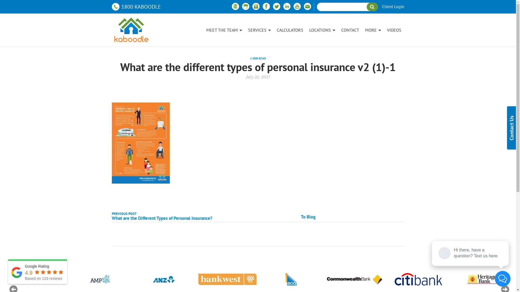 The width and height of the screenshot is (520, 292). What do you see at coordinates (259, 30) in the screenshot?
I see `'SERVICES'` at bounding box center [259, 30].